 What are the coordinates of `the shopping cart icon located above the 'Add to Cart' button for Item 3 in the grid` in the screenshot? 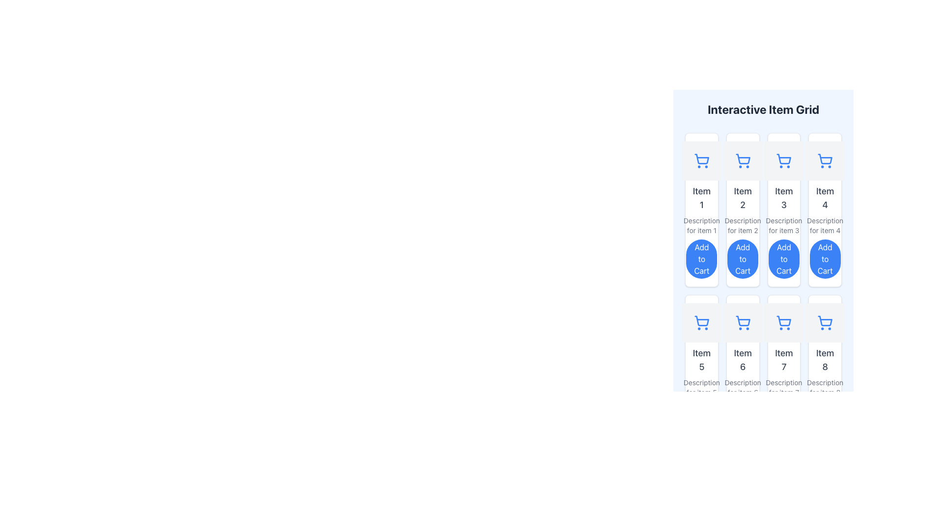 It's located at (783, 159).